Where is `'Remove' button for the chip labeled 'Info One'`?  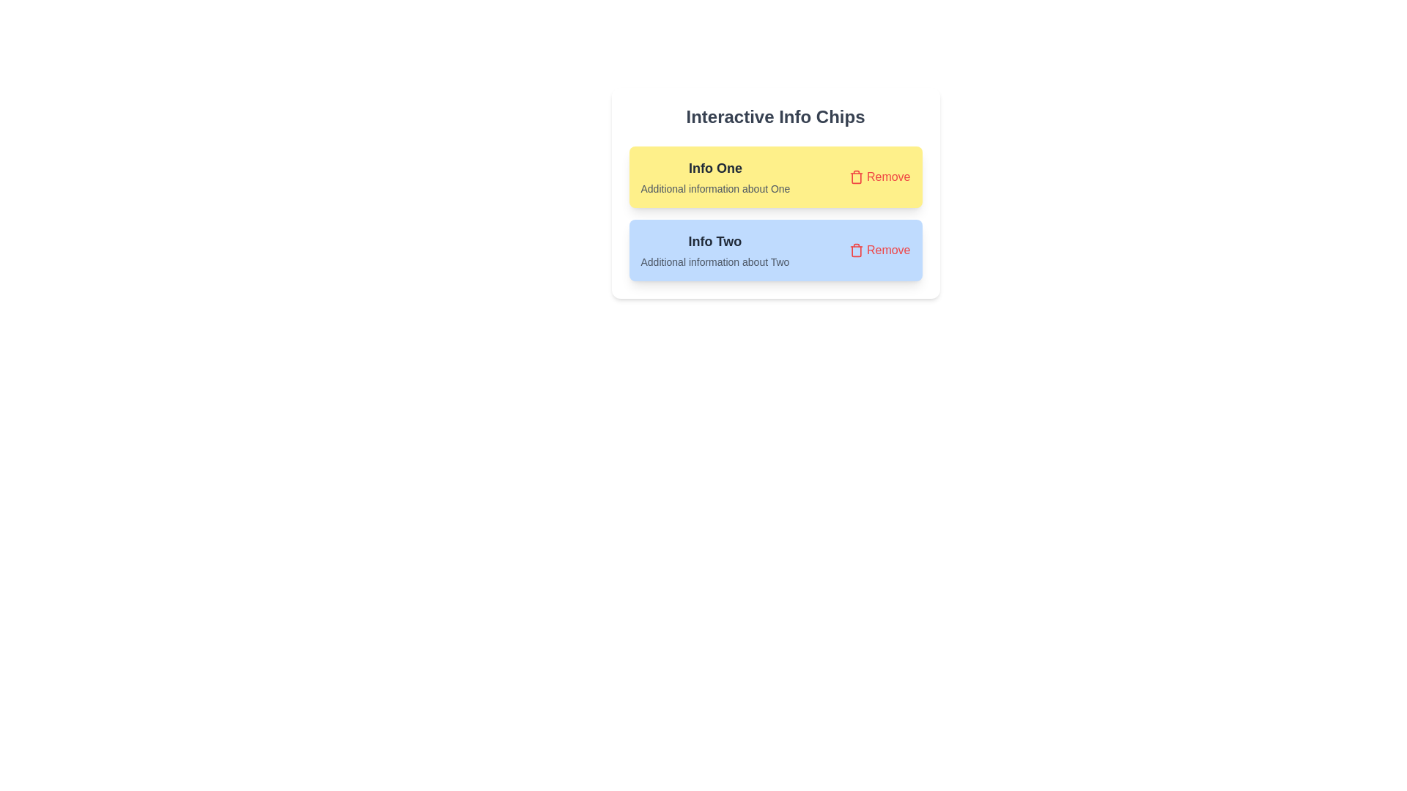 'Remove' button for the chip labeled 'Info One' is located at coordinates (879, 177).